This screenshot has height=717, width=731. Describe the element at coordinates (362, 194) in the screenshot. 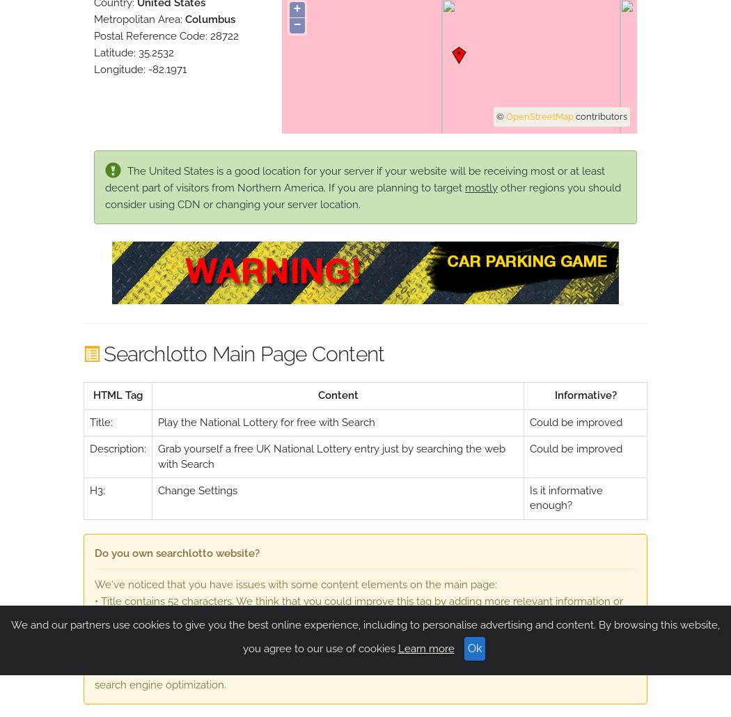

I see `'other regions you should consider using CDN or changing your server location.'` at that location.